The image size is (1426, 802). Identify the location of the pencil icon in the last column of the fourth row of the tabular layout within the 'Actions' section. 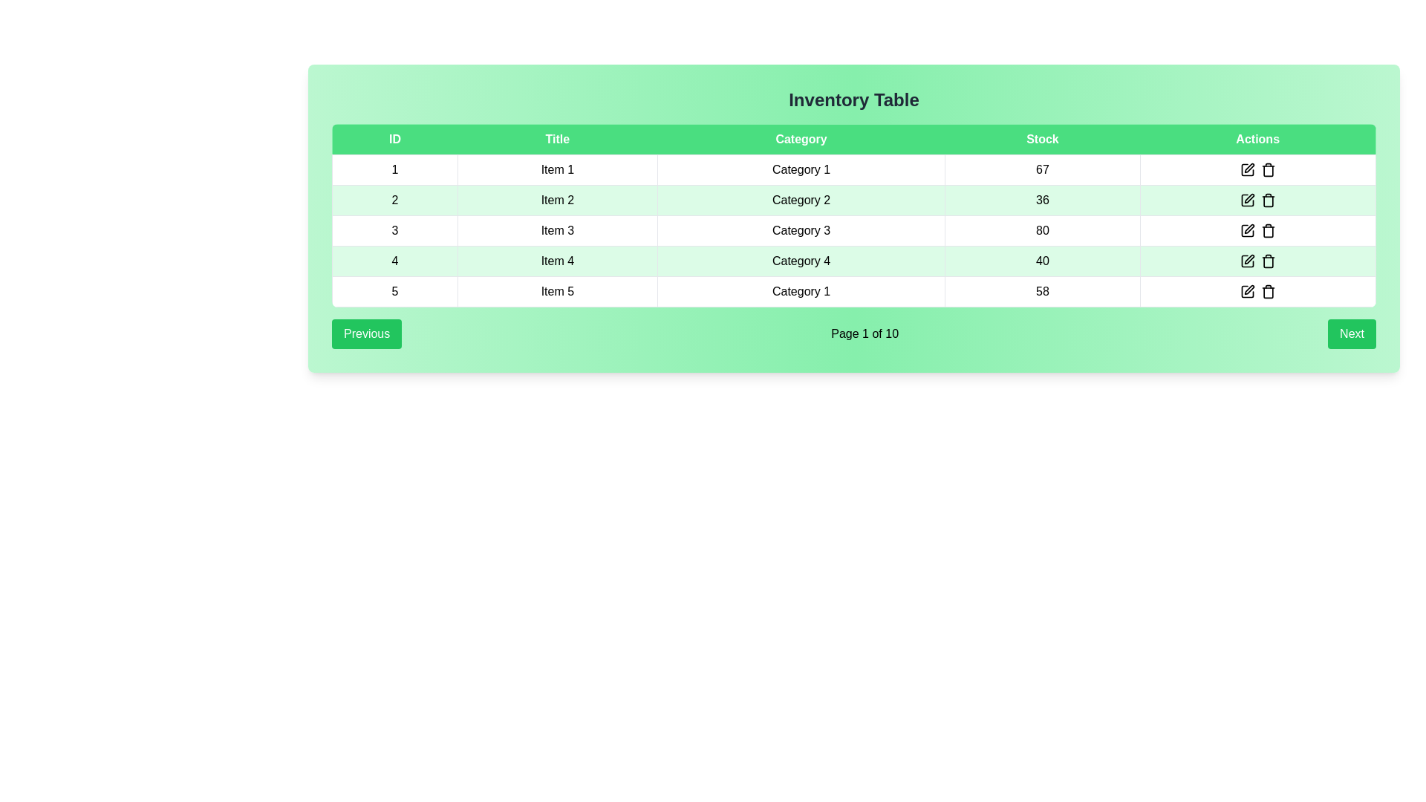
(1257, 231).